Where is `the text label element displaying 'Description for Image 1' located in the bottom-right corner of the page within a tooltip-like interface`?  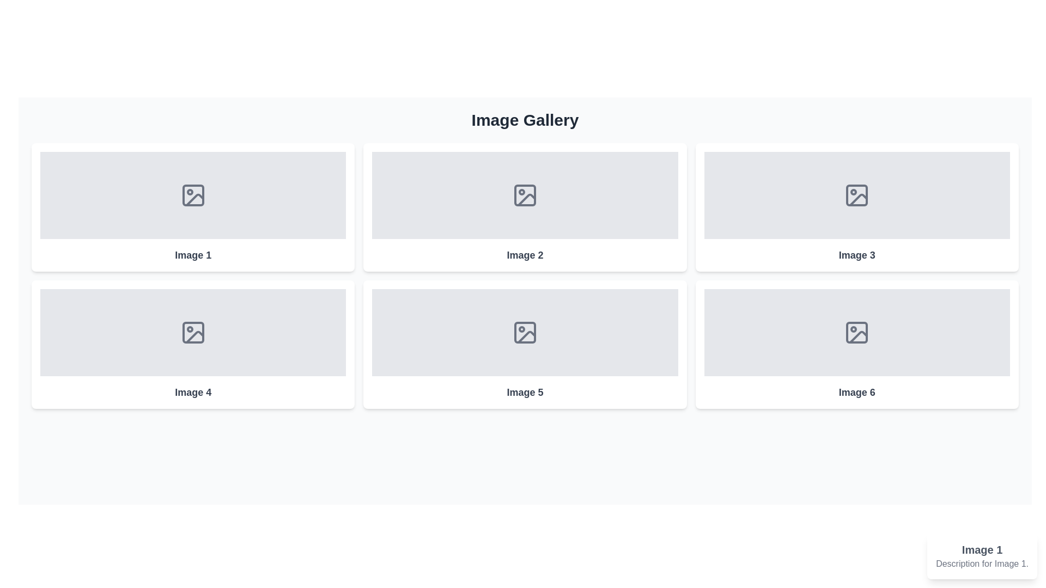
the text label element displaying 'Description for Image 1' located in the bottom-right corner of the page within a tooltip-like interface is located at coordinates (982, 563).